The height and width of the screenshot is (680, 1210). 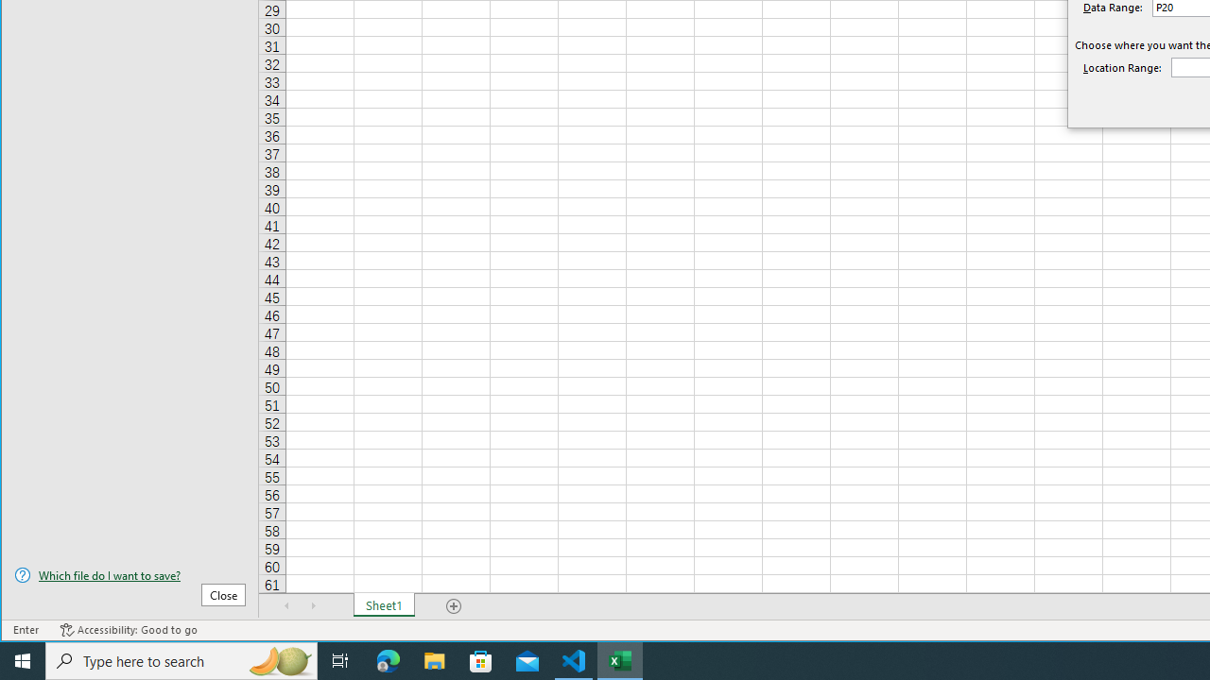 What do you see at coordinates (129, 574) in the screenshot?
I see `'Which file do I want to save?'` at bounding box center [129, 574].